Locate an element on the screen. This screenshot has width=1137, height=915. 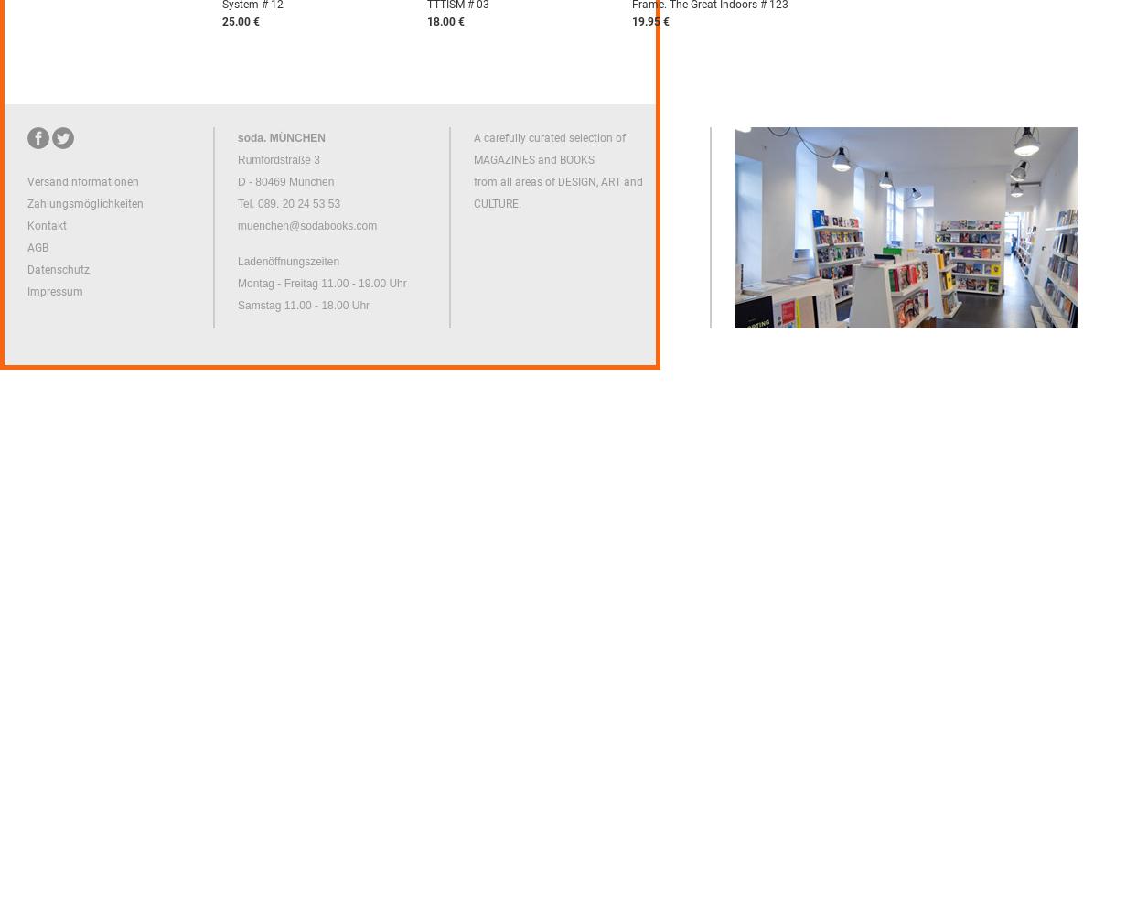
'Montag - Freitag 11.00 - 19.00 Uhr' is located at coordinates (321, 284).